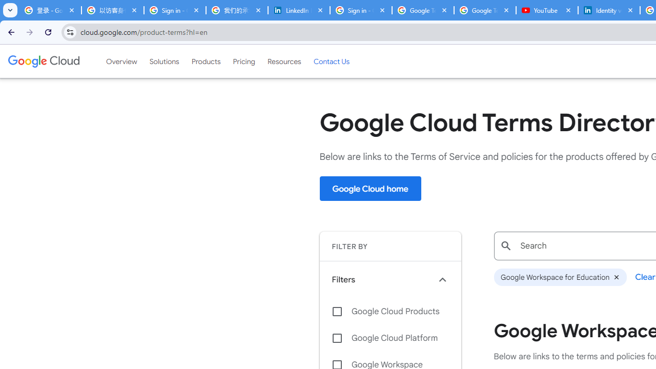  I want to click on 'Google Cloud', so click(43, 61).